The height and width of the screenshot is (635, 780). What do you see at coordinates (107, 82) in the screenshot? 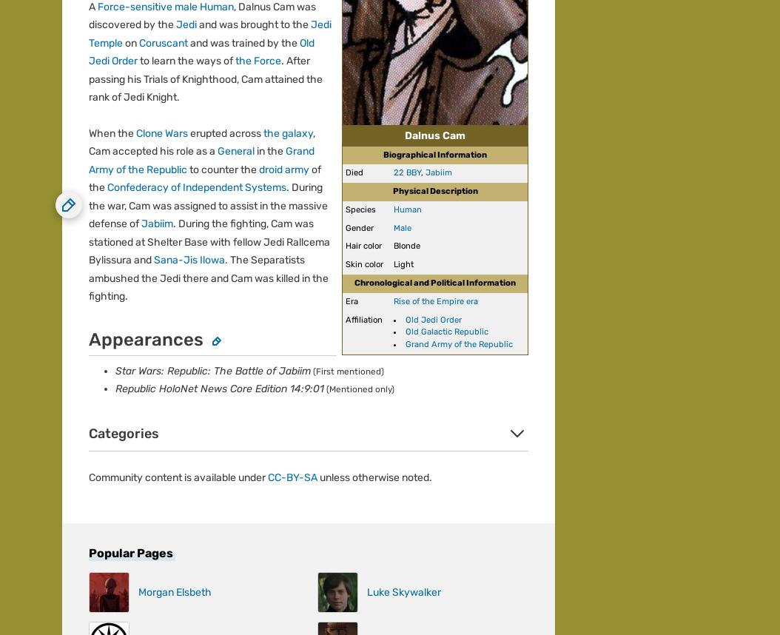
I see `'Community Central'` at bounding box center [107, 82].